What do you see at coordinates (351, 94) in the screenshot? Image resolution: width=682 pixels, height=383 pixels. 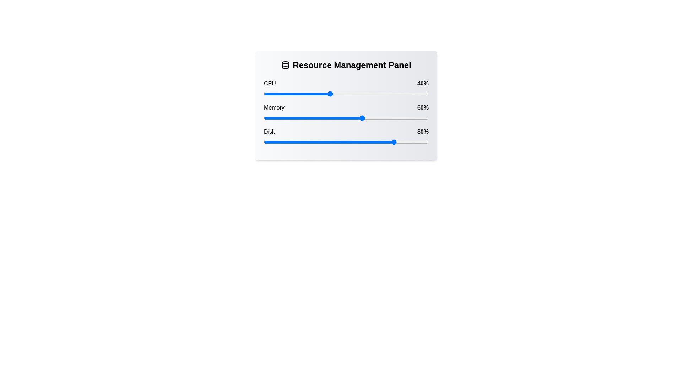 I see `the CPU slider to 53%` at bounding box center [351, 94].